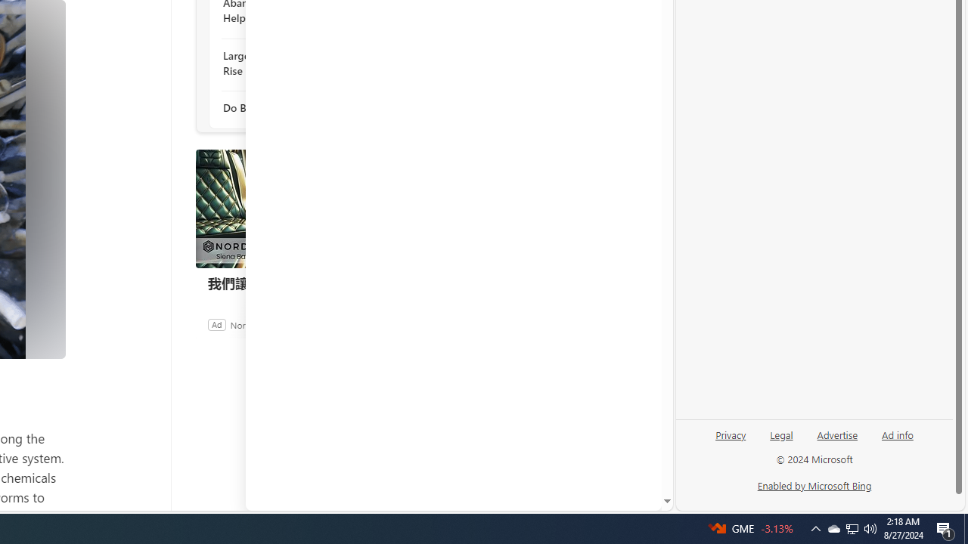 The width and height of the screenshot is (968, 544). I want to click on 'Privacy', so click(731, 434).